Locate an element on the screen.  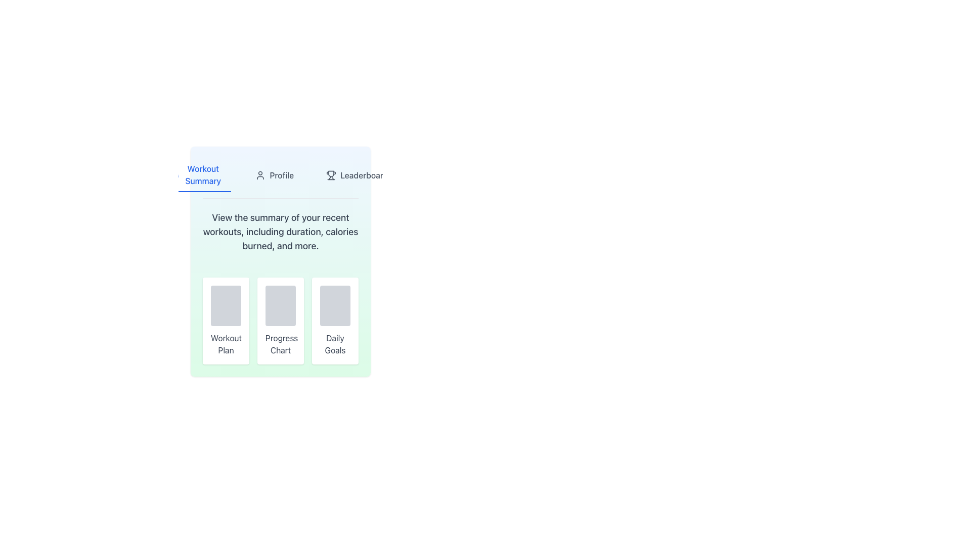
the stylized trophy icon located in the header section, associated with the 'Leaderboard' text, which is positioned to the right of the 'Profile' icon is located at coordinates (331, 173).